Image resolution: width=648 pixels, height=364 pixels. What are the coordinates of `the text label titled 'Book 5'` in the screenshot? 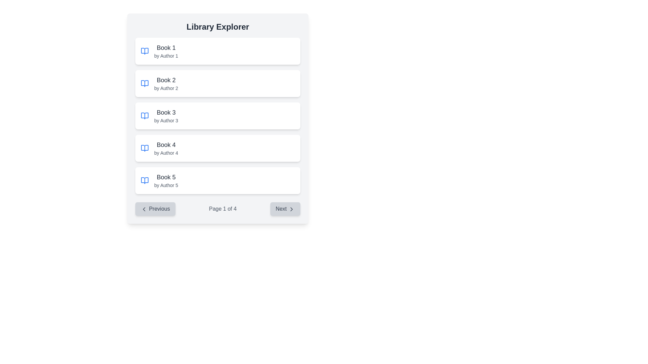 It's located at (166, 177).